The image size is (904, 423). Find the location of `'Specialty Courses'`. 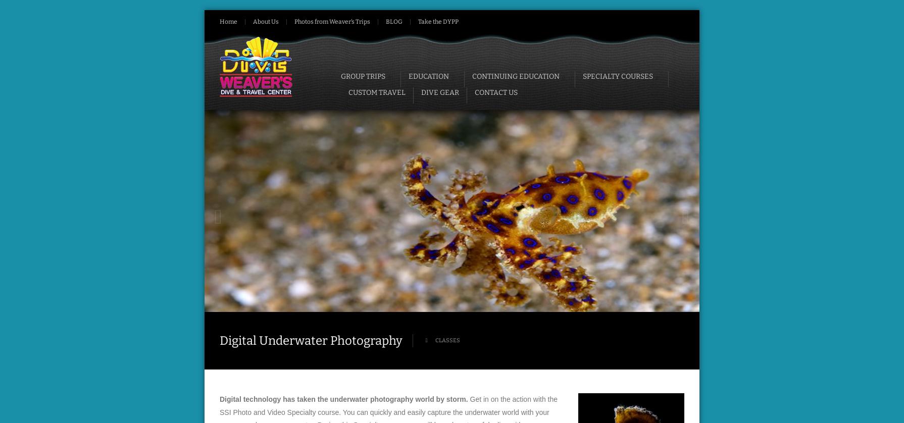

'Specialty Courses' is located at coordinates (618, 76).